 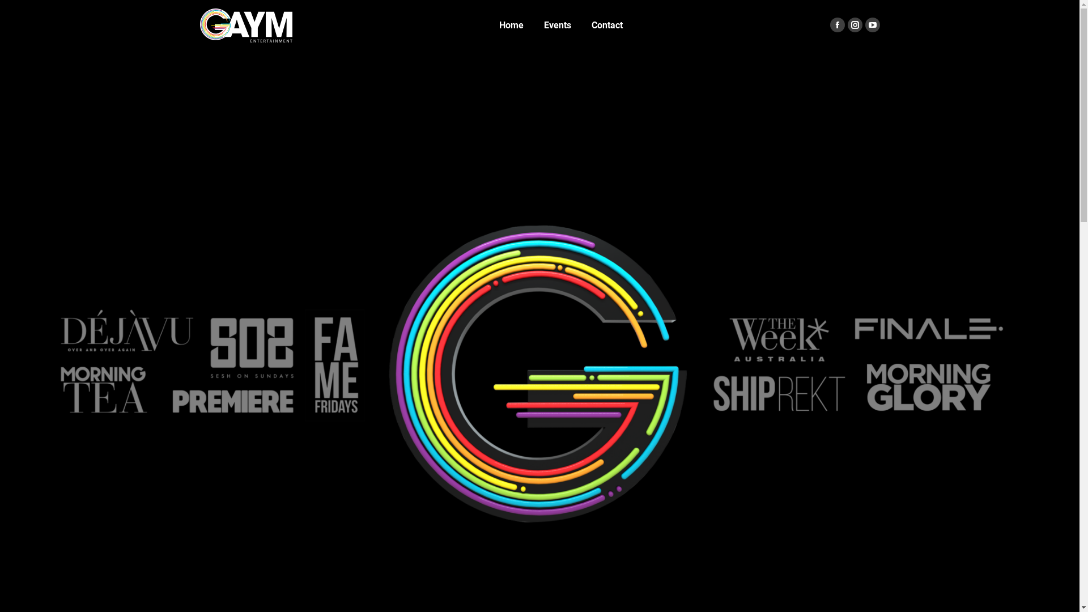 What do you see at coordinates (511, 25) in the screenshot?
I see `'Home'` at bounding box center [511, 25].